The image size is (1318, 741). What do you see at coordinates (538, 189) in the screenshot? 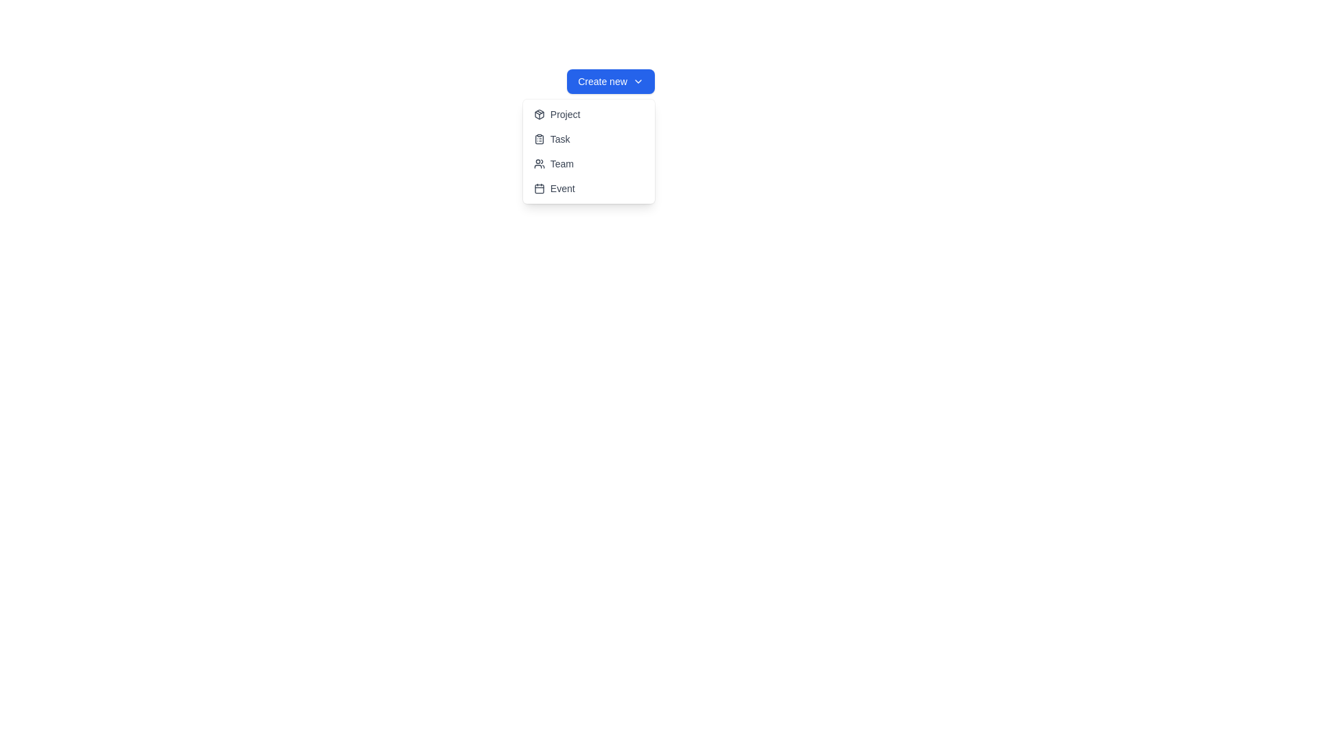
I see `the visual status of the calendar icon with red shading located adjacent to the 'Event' menu item in the dropdown menu` at bounding box center [538, 189].